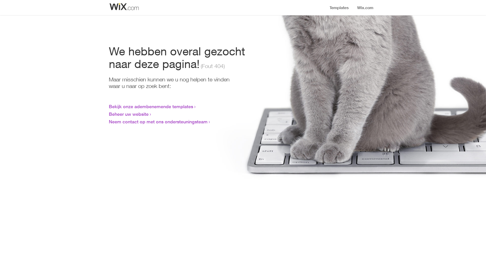 The image size is (486, 273). Describe the element at coordinates (151, 106) in the screenshot. I see `'Bekijk onze adembenemende templates'` at that location.